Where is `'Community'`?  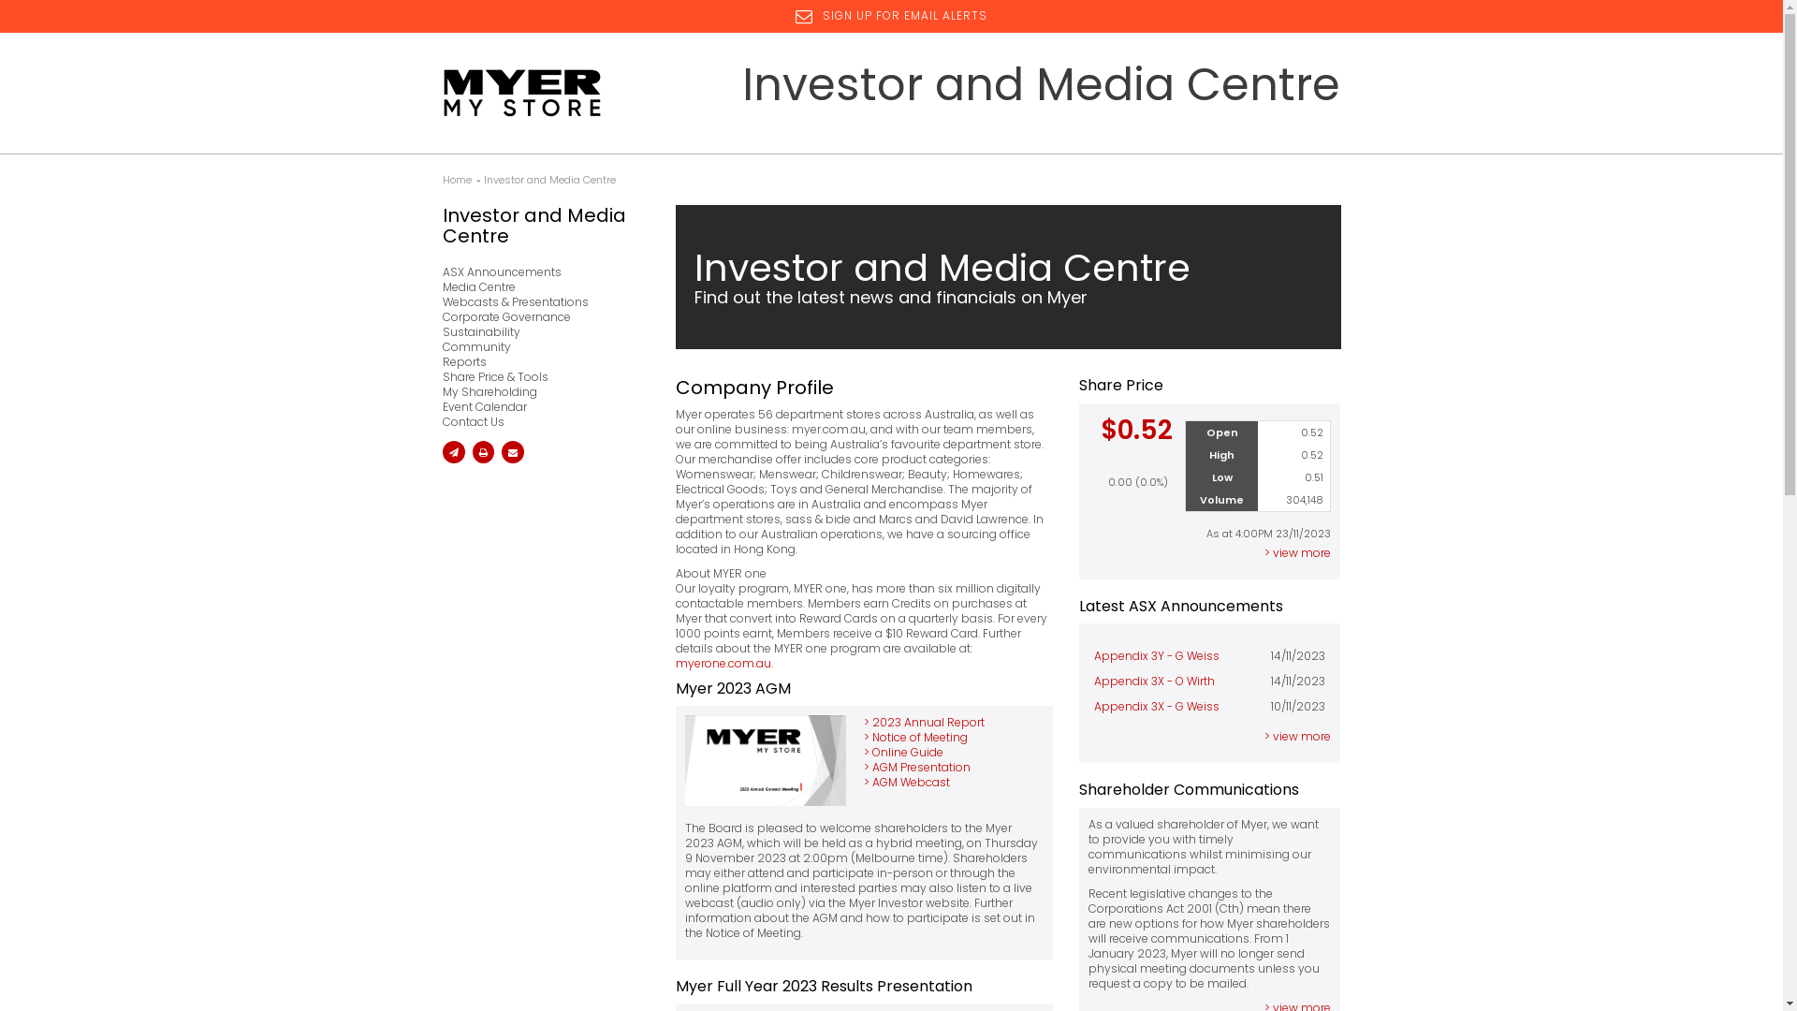
'Community' is located at coordinates (539, 346).